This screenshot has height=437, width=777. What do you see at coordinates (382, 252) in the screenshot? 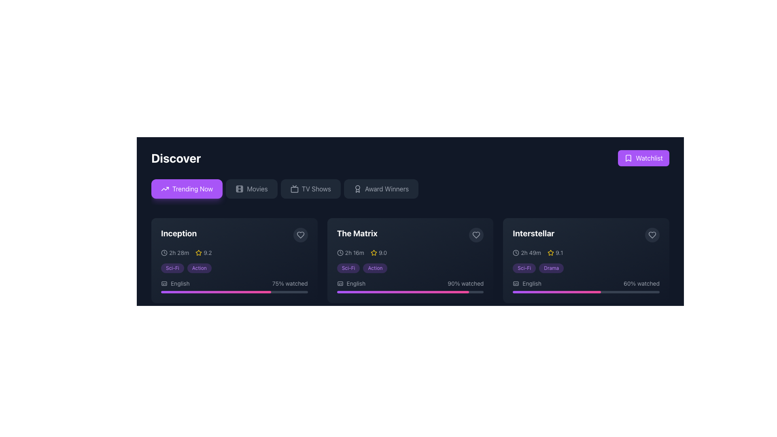
I see `the static text label displaying the number '9.0' located to the right of the yellow star icon in 'The Matrix' card` at bounding box center [382, 252].